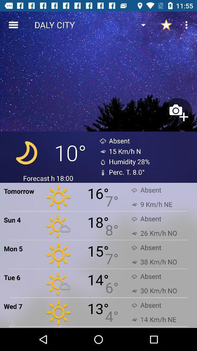  What do you see at coordinates (177, 112) in the screenshot?
I see `the photo icon` at bounding box center [177, 112].